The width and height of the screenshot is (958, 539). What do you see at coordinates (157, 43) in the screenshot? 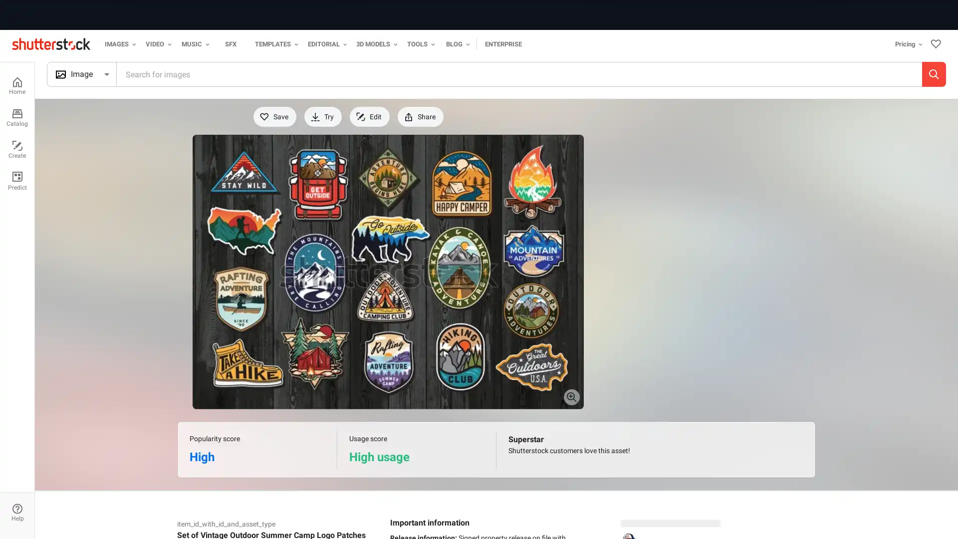
I see `Video` at bounding box center [157, 43].